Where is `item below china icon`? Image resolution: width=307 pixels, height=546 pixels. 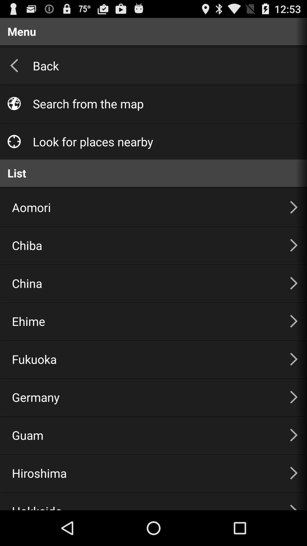 item below china icon is located at coordinates (144, 321).